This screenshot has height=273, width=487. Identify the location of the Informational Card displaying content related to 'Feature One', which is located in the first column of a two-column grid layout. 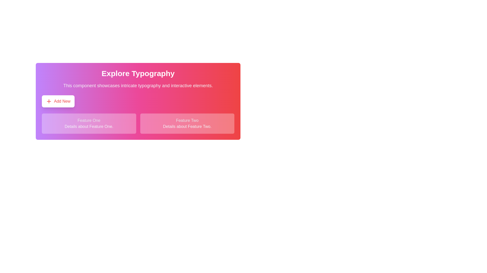
(89, 124).